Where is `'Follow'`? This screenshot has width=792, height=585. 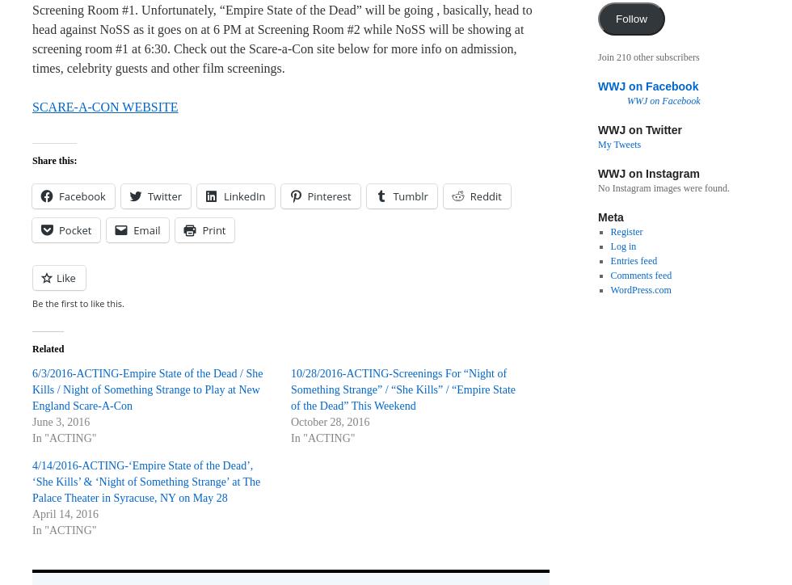 'Follow' is located at coordinates (630, 19).